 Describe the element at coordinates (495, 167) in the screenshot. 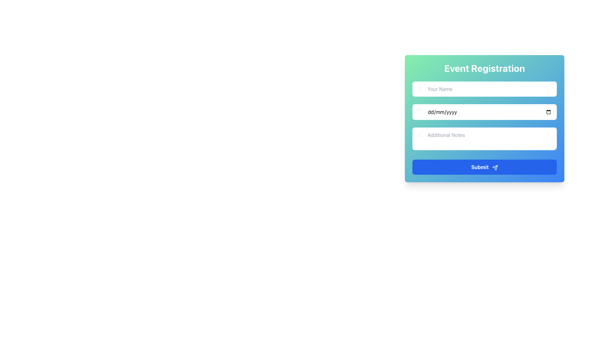

I see `the 'send' icon located on the right side of the 'Submit' button, which visually reinforces the button's purpose` at that location.